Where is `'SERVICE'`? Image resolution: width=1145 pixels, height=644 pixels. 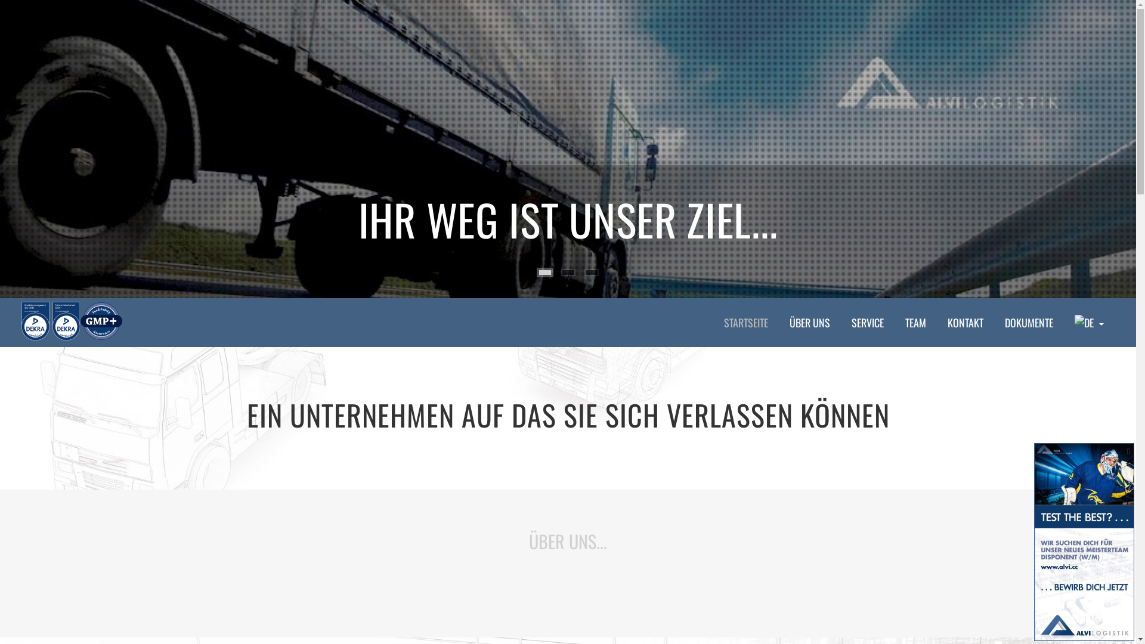
'SERVICE' is located at coordinates (867, 322).